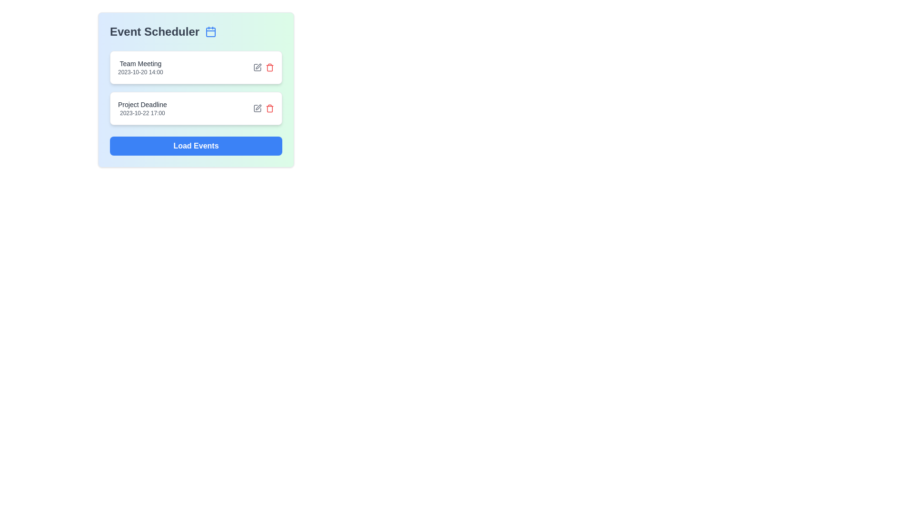  Describe the element at coordinates (269, 67) in the screenshot. I see `the 'delete' icon button located within the event management UI card` at that location.